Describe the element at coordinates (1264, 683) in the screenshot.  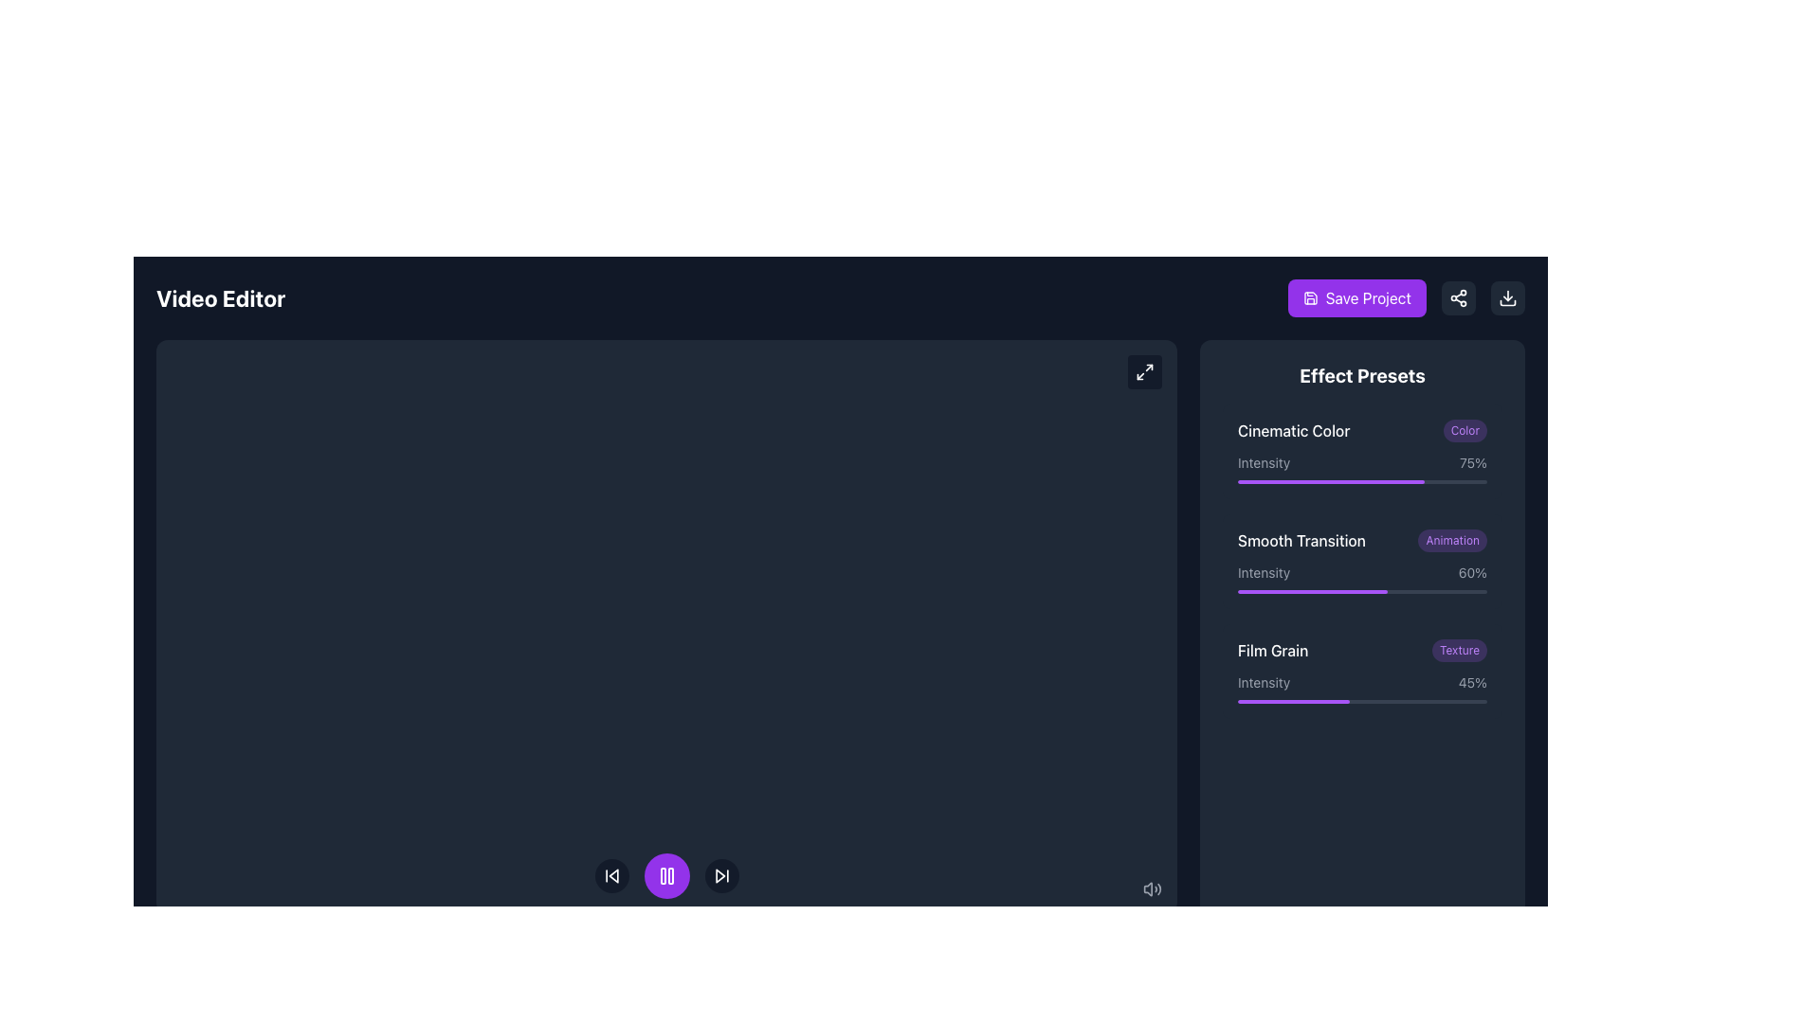
I see `the Text label that indicates the intensity control for the 'Film Grain' effect, located to the left of '45%' and above the progress bar` at that location.